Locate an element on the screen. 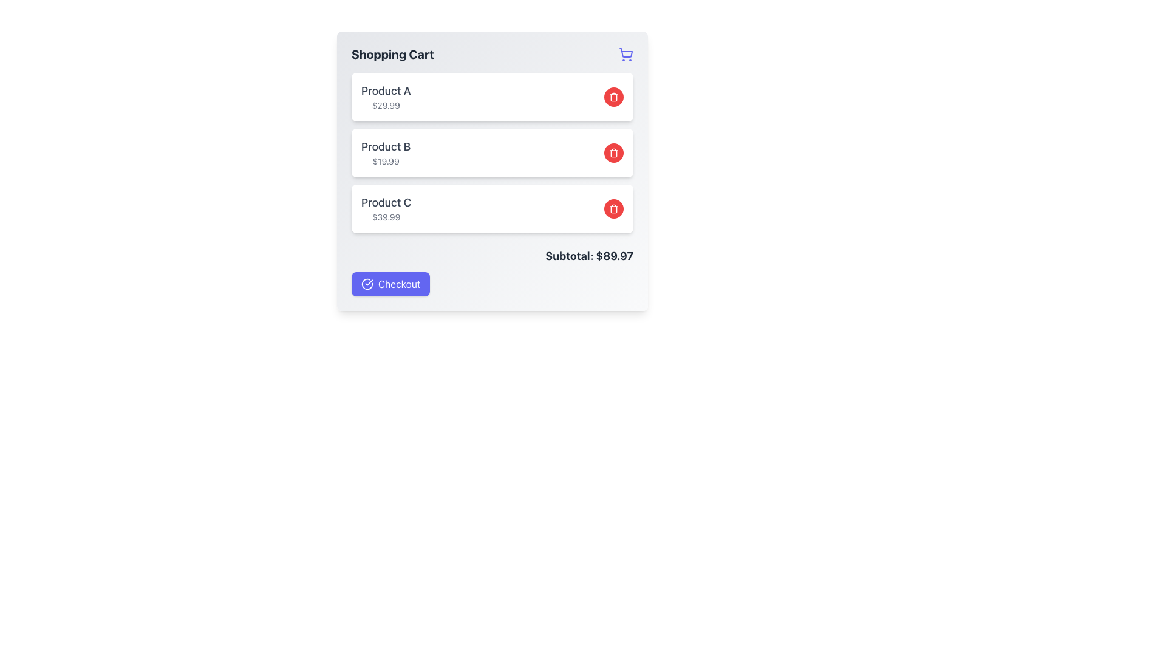 This screenshot has width=1166, height=656. the red trash icon with a circular background located to the right of 'Product C' priced at '$39.99' in the shopping cart interface is located at coordinates (614, 208).